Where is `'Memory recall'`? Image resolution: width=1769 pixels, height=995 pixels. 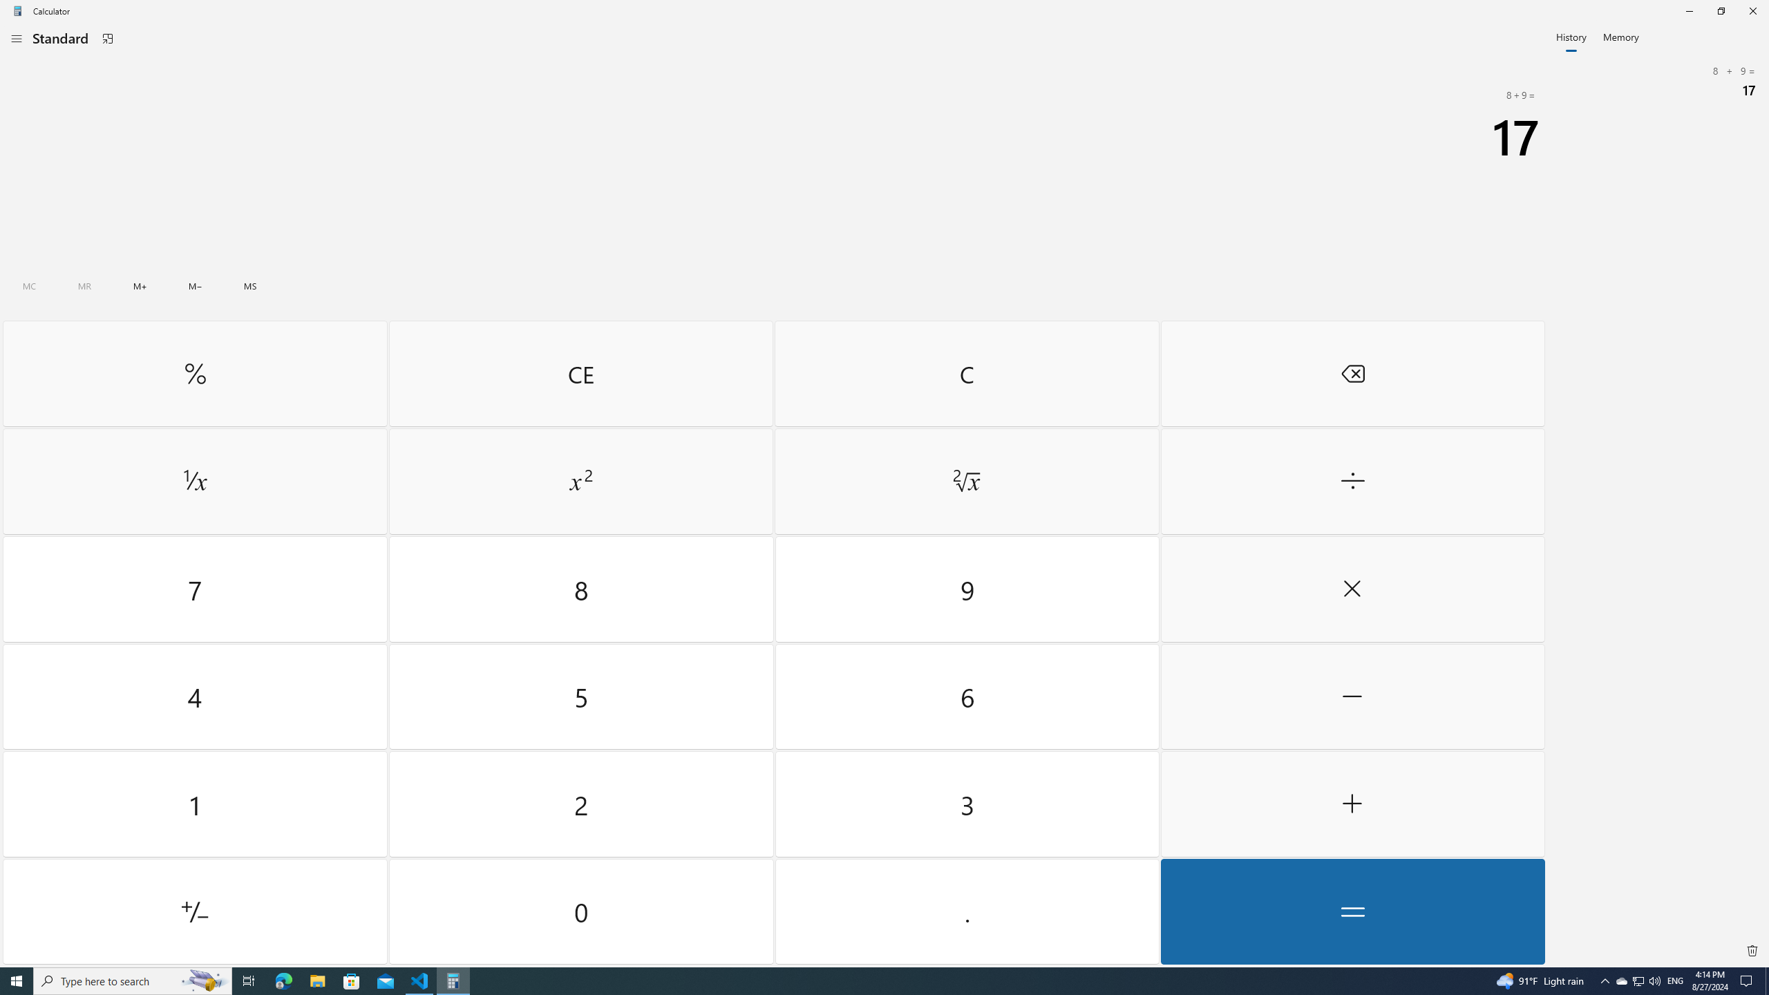
'Memory recall' is located at coordinates (84, 285).